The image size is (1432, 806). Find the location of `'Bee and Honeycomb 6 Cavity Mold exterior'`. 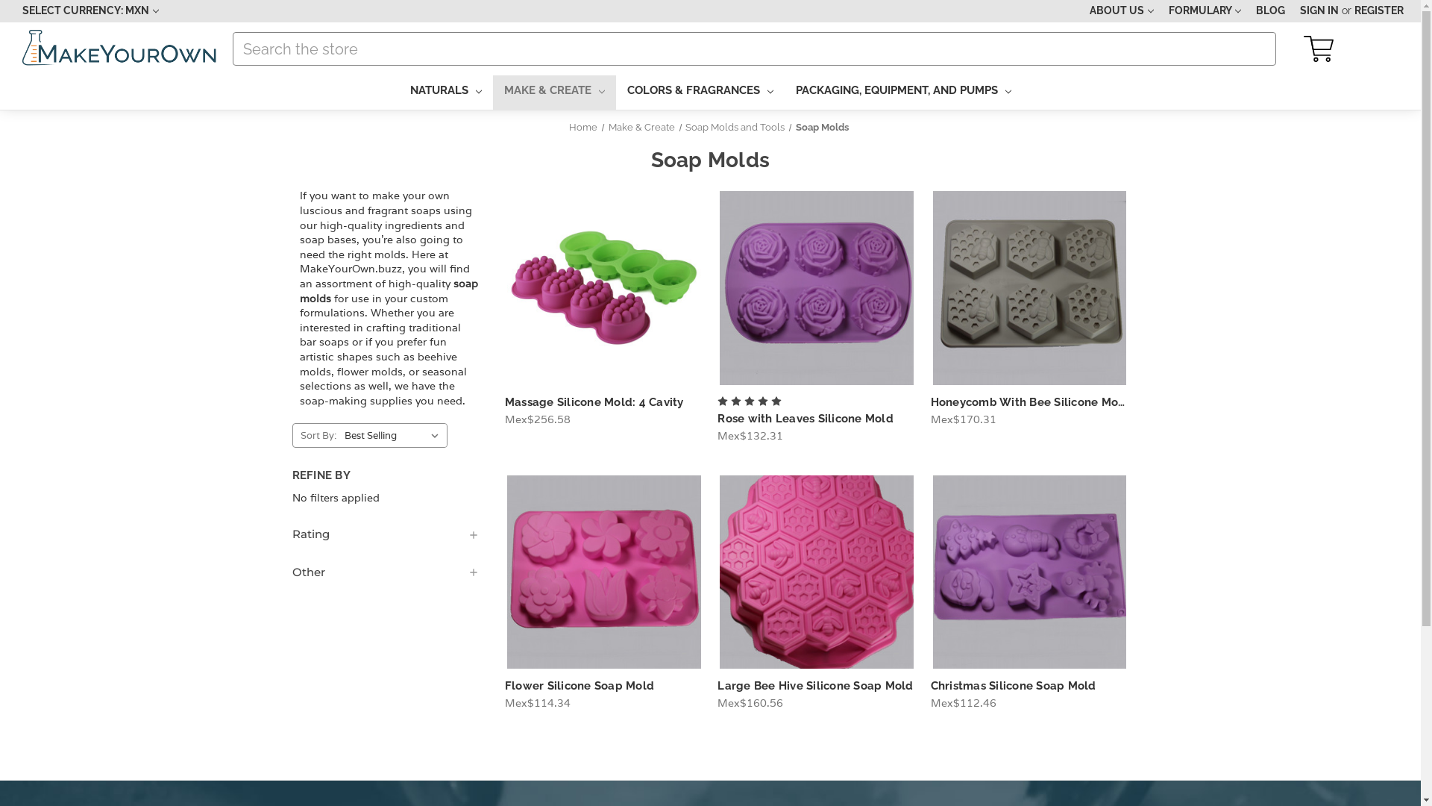

'Bee and Honeycomb 6 Cavity Mold exterior' is located at coordinates (1029, 287).